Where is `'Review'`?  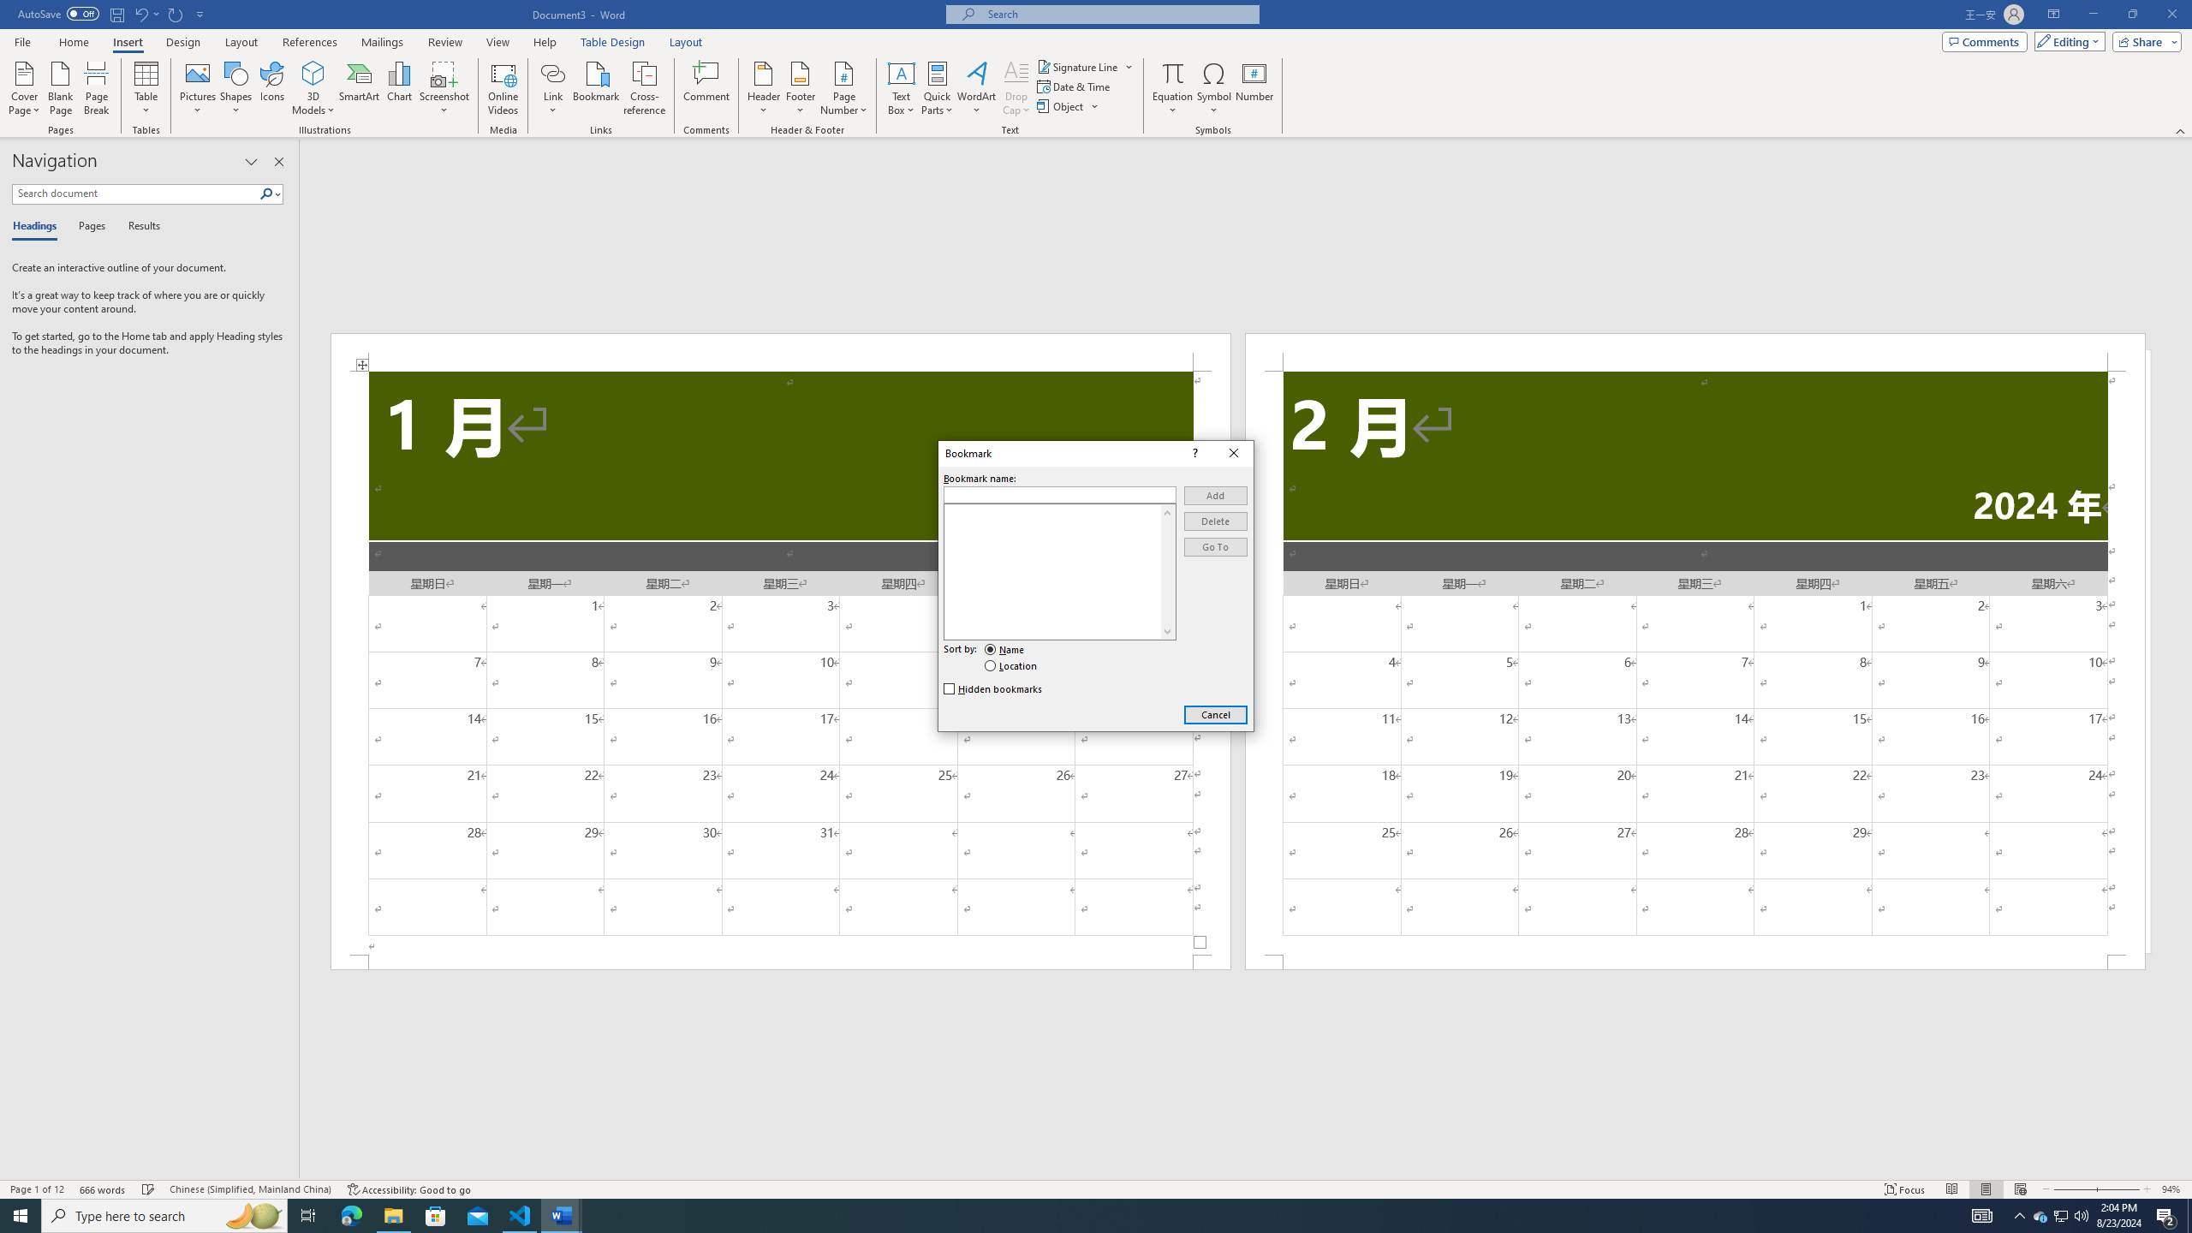 'Review' is located at coordinates (444, 42).